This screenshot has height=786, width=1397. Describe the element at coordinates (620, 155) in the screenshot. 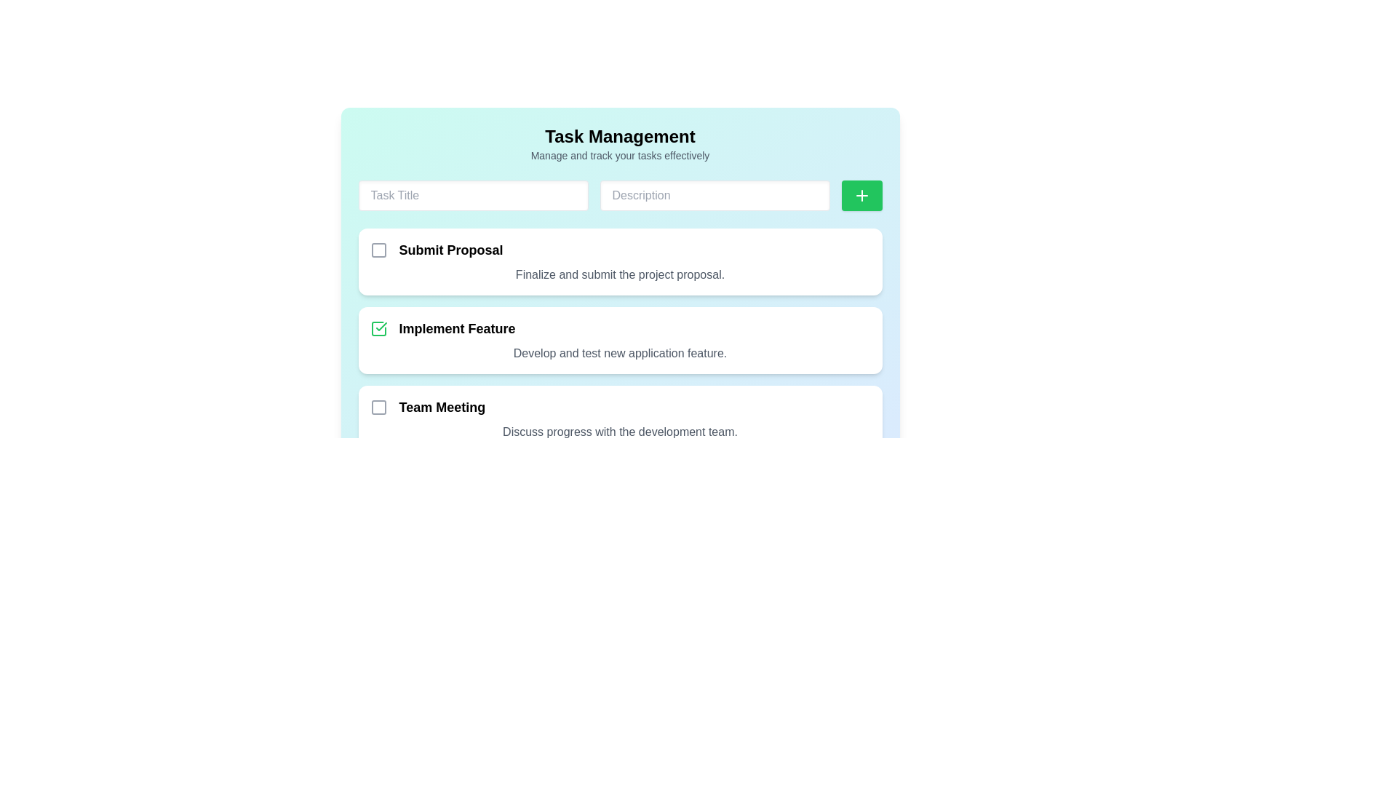

I see `the small gray text label that reads 'Manage and track your tasks effectively', located below the 'Task Management' heading` at that location.